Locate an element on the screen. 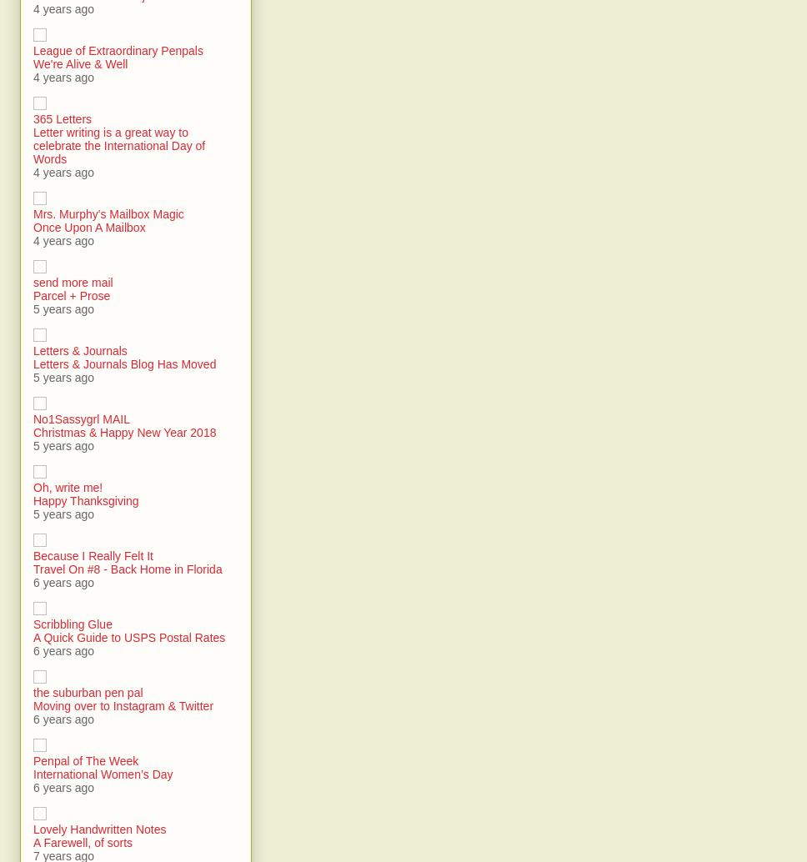 Image resolution: width=807 pixels, height=862 pixels. '365 Letters' is located at coordinates (33, 119).